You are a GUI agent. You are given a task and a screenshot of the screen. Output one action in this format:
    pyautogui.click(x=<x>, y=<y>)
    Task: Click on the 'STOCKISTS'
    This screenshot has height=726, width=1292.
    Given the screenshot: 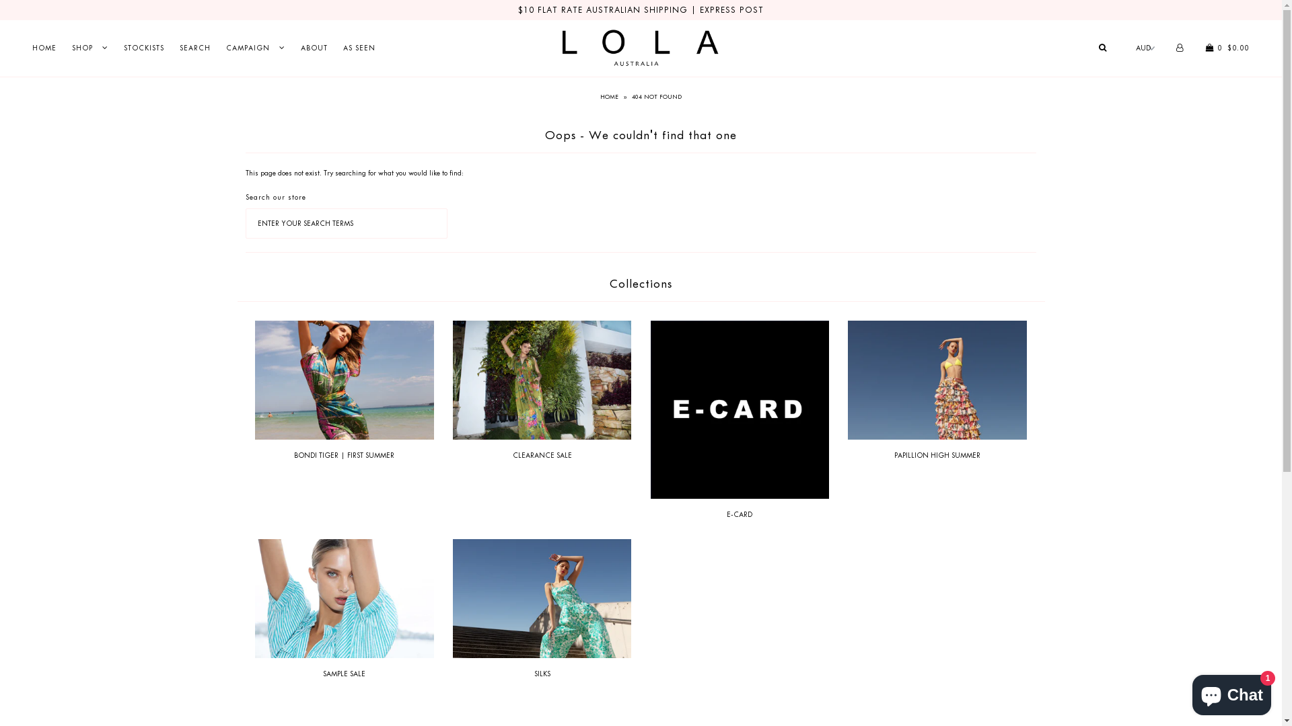 What is the action you would take?
    pyautogui.click(x=144, y=47)
    